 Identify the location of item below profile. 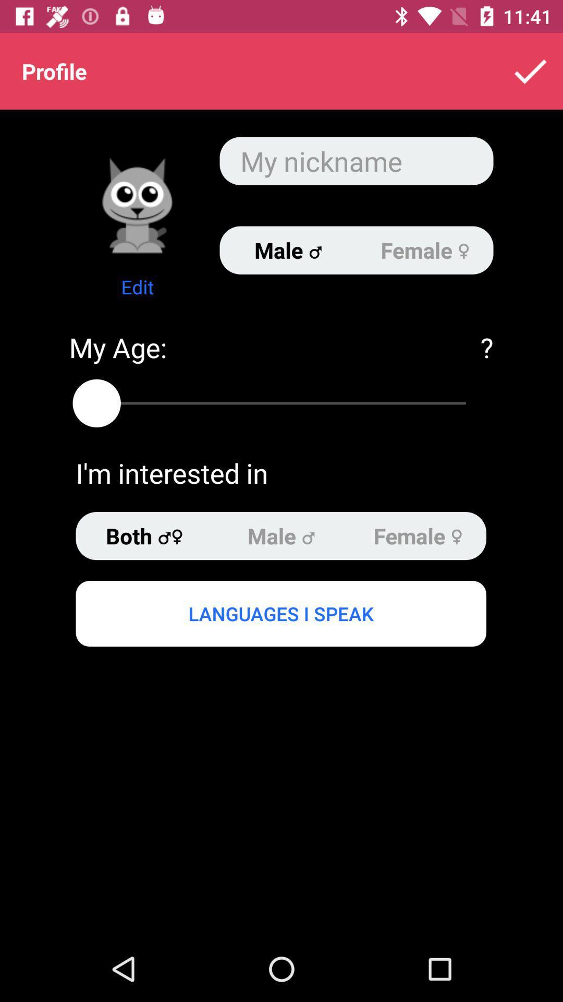
(137, 205).